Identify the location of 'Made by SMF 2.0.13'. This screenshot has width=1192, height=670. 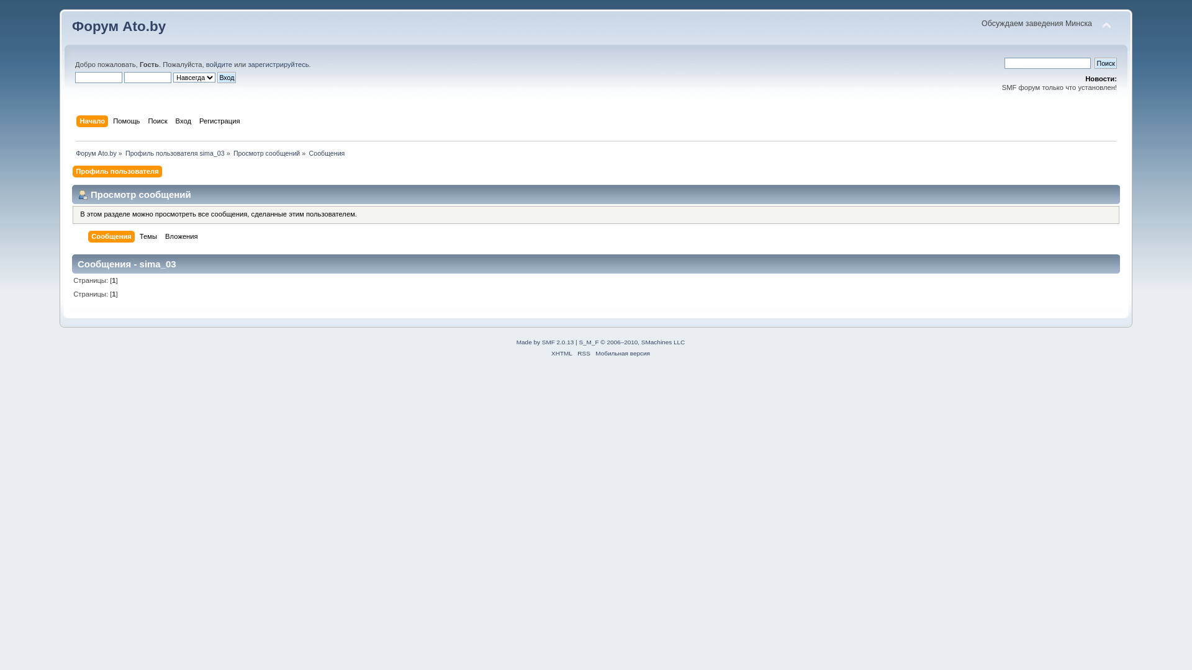
(545, 342).